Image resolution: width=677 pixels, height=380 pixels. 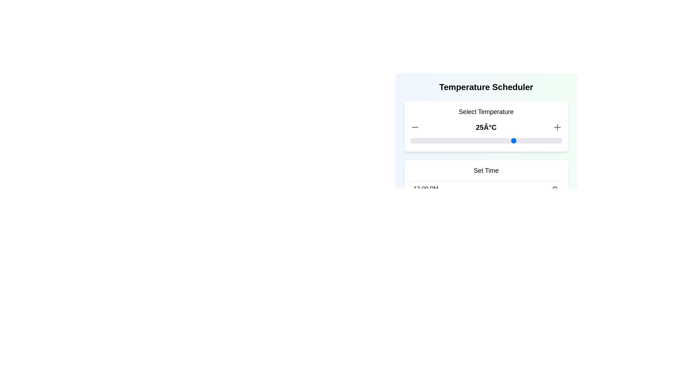 What do you see at coordinates (486, 127) in the screenshot?
I see `bold text displaying '25°C' in the temperature selection interface, located centrally between the minus and plus buttons under the 'Select Temperature' section` at bounding box center [486, 127].